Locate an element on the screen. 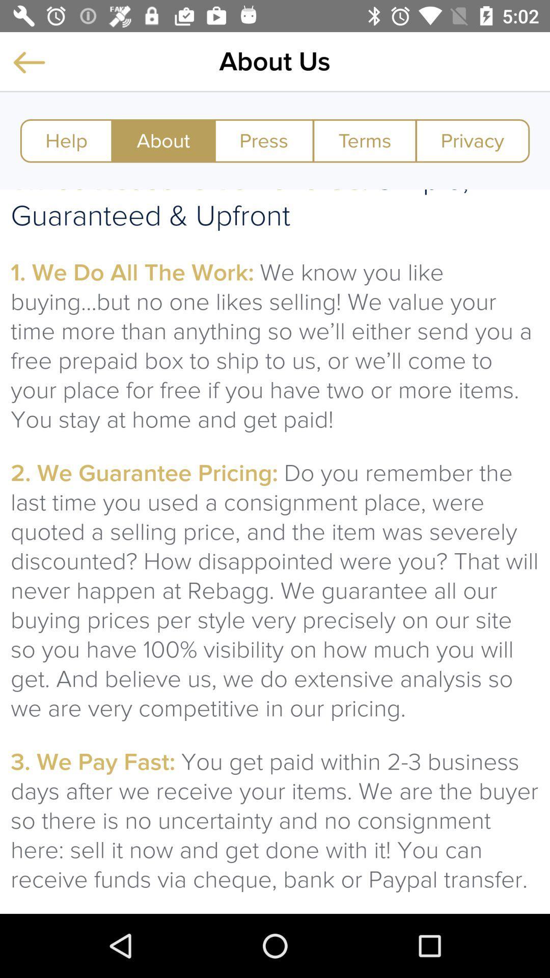  go back is located at coordinates (29, 62).